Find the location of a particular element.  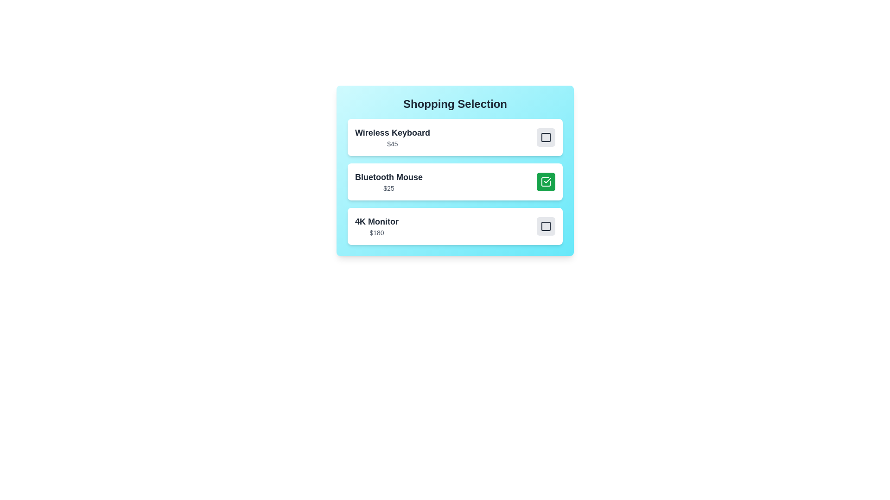

the green square button with rounded corners and a white checkmark icon is located at coordinates (546, 182).